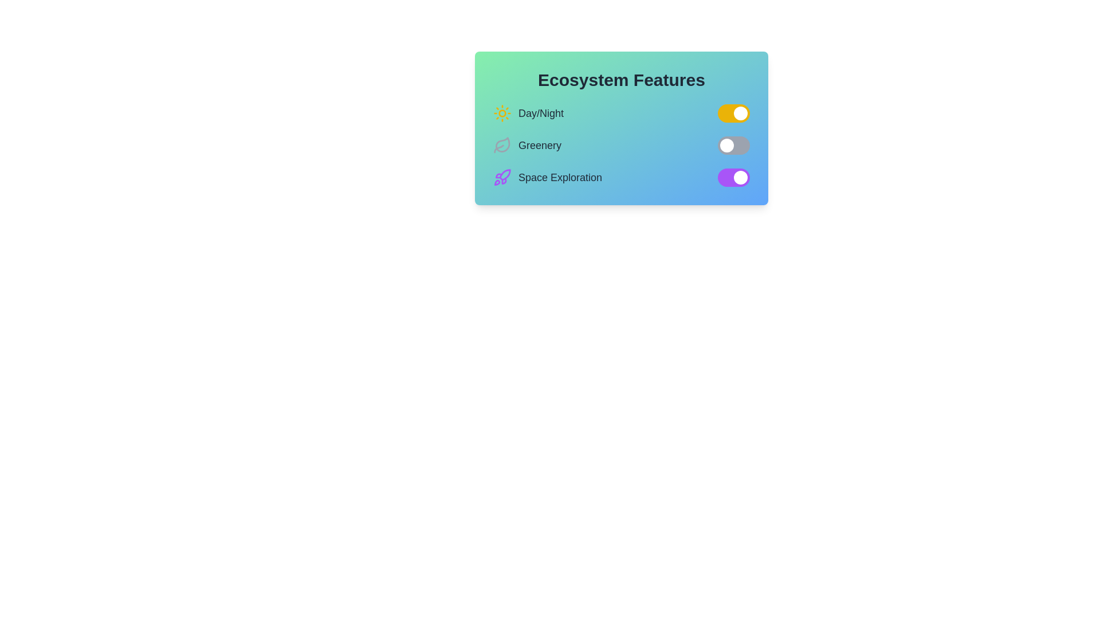  I want to click on the text label for the toggle-able feature named 'Space Exploration', which is the third entry under the 'Ecosystem Features' heading, so click(560, 177).